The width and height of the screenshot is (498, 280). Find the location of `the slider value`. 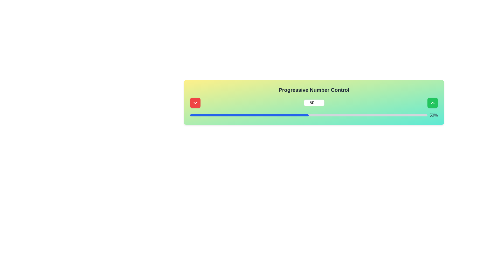

the slider value is located at coordinates (235, 115).